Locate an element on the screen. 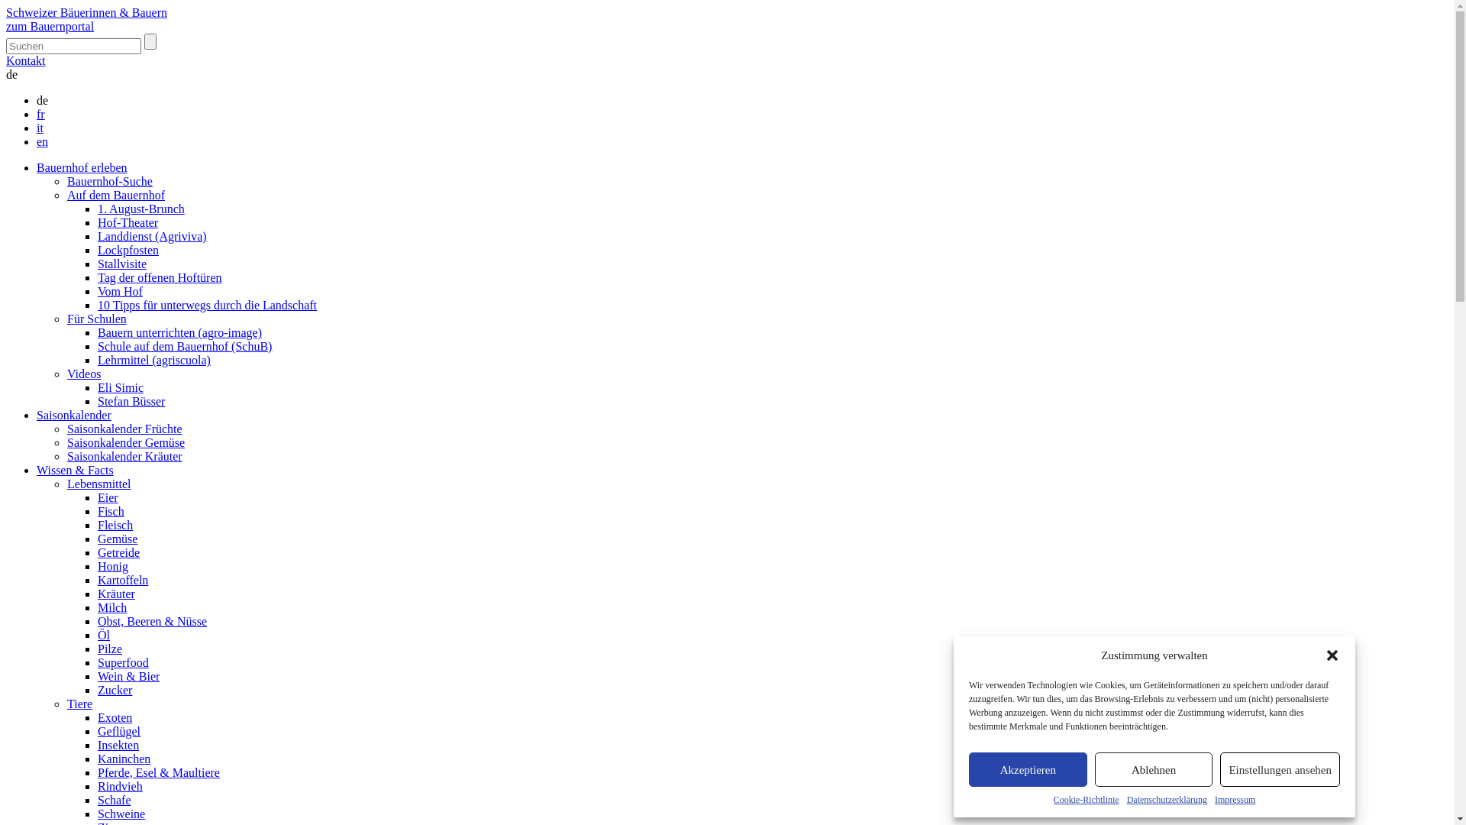  'Auf dem Bauernhof' is located at coordinates (115, 194).